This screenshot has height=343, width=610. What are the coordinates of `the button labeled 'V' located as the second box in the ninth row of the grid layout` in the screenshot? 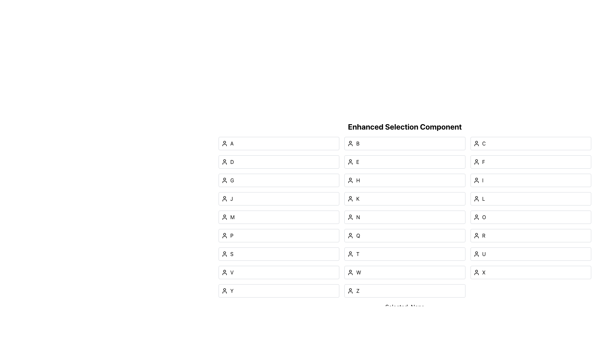 It's located at (279, 272).